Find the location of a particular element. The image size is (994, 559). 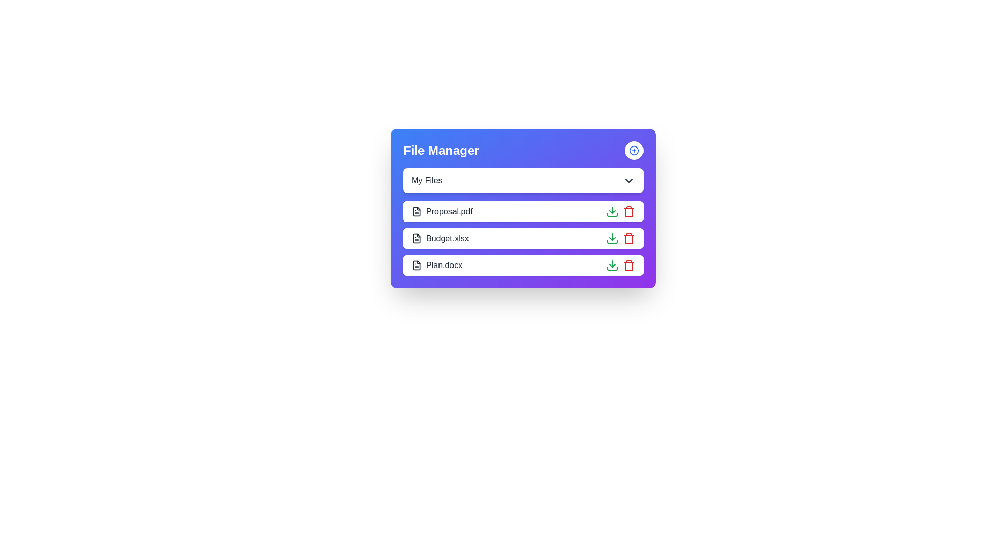

the File list item representing 'Plan.docx', located in the third row of the file list is located at coordinates (523, 265).